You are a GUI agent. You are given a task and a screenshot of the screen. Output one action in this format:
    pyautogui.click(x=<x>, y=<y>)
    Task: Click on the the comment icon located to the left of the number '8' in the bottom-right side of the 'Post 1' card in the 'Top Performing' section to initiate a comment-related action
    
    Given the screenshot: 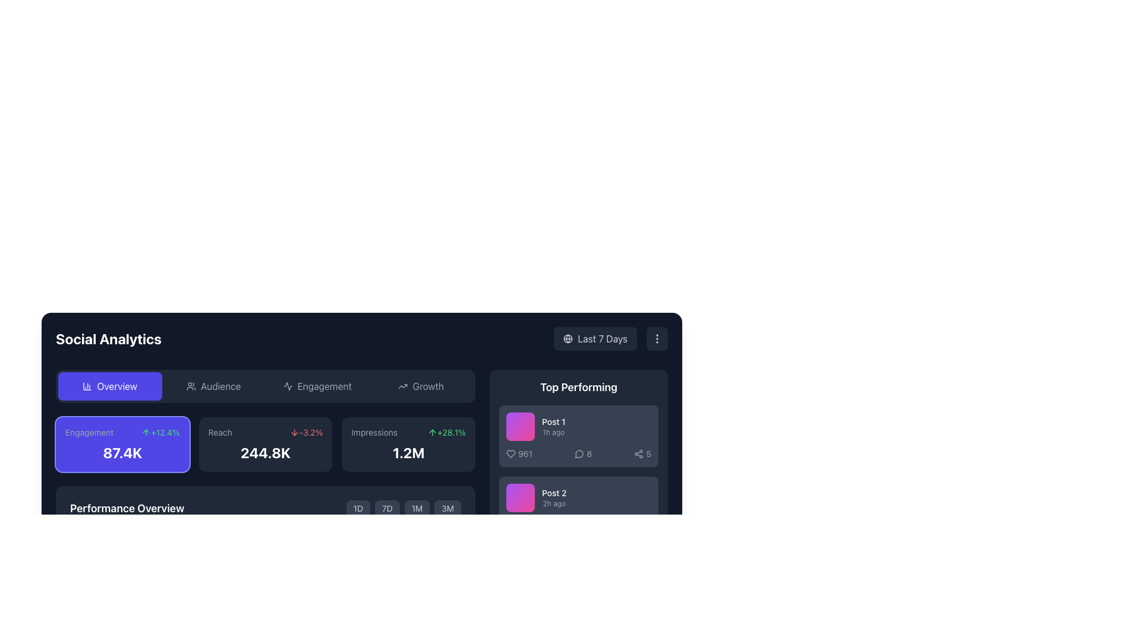 What is the action you would take?
    pyautogui.click(x=579, y=453)
    